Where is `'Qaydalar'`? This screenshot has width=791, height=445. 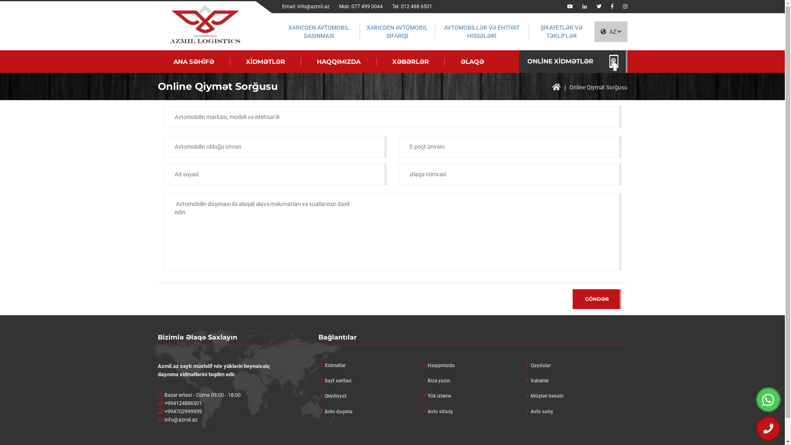
'Qaydalar' is located at coordinates (575, 365).